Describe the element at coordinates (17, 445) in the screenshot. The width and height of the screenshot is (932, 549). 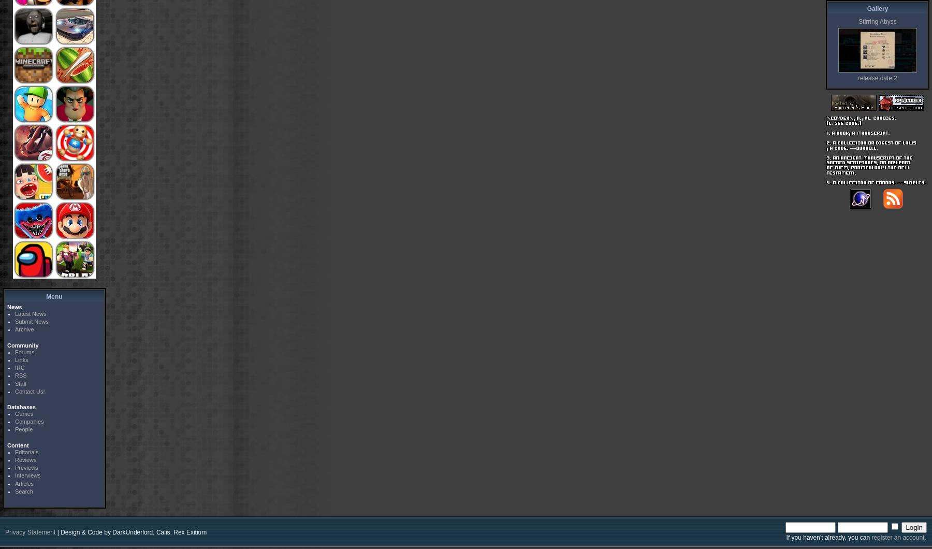
I see `'Content'` at that location.